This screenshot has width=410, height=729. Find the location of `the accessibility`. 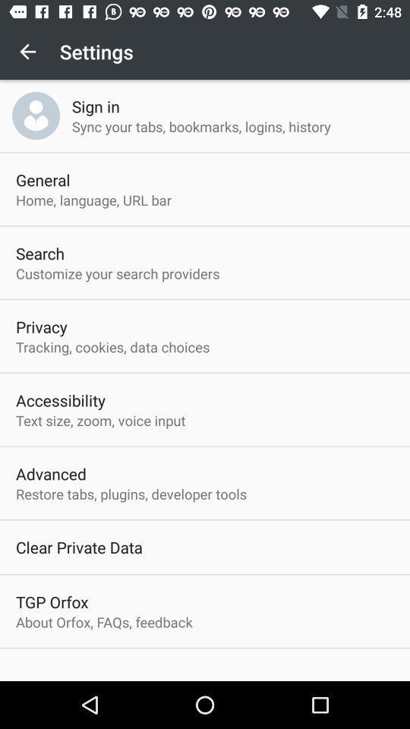

the accessibility is located at coordinates (60, 399).